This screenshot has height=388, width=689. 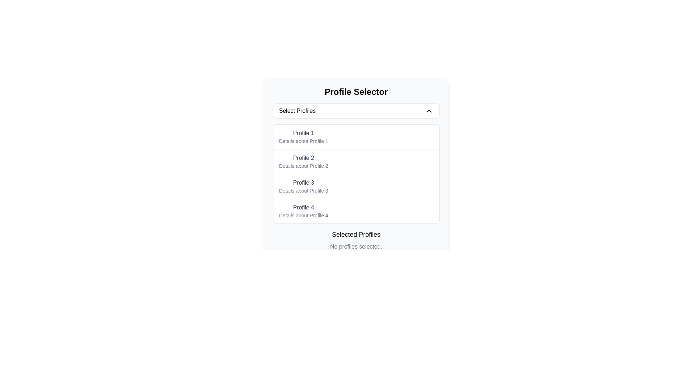 I want to click on text label saying 'Details about Profile 4' located below the 'Profile 4' label in the fourth row of the profile list, so click(x=303, y=215).